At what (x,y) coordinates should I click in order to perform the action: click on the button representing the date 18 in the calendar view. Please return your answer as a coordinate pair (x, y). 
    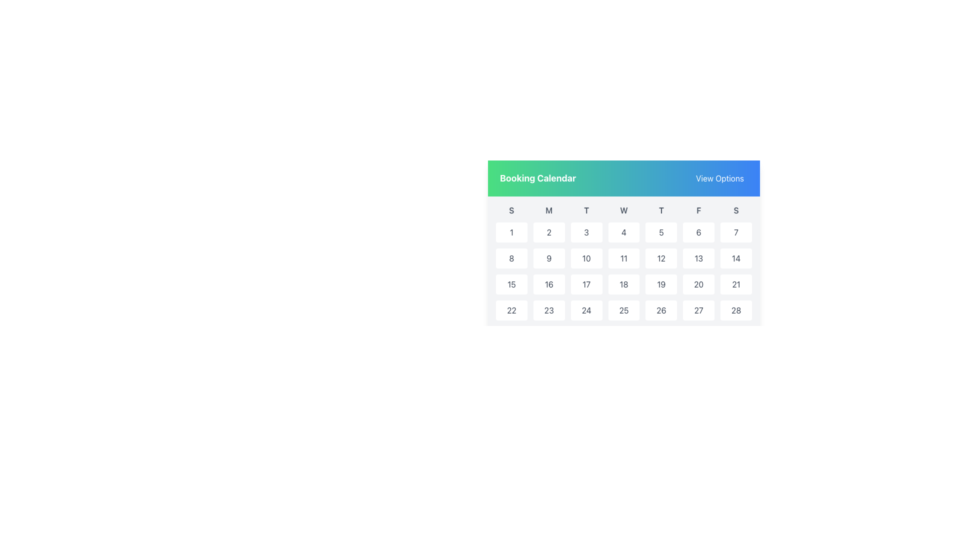
    Looking at the image, I should click on (623, 284).